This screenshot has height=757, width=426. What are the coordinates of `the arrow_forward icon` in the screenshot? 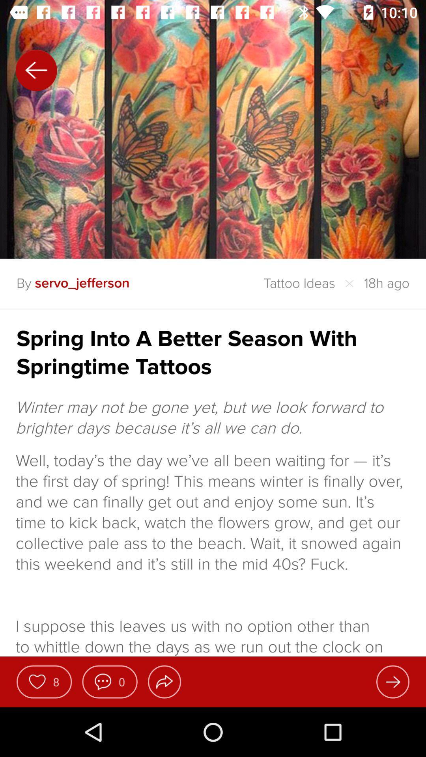 It's located at (392, 681).